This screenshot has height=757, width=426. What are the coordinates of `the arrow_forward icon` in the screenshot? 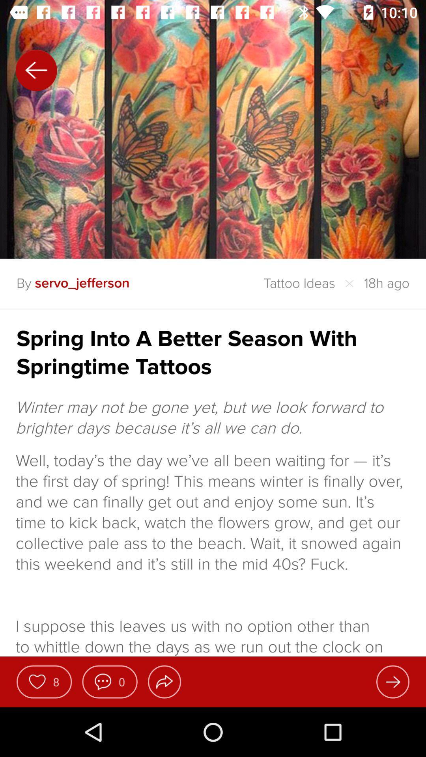 It's located at (392, 681).